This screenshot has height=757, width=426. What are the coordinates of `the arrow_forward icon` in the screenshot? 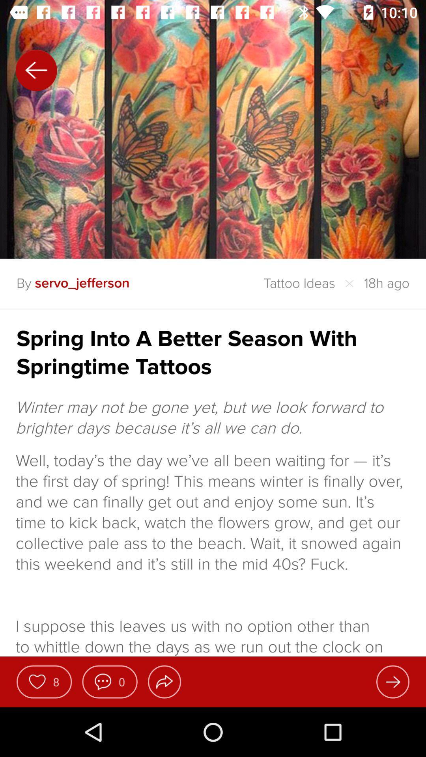 It's located at (392, 681).